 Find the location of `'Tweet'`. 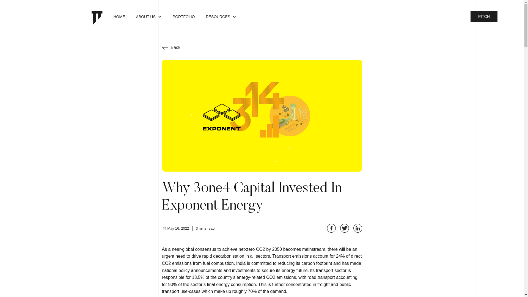

'Tweet' is located at coordinates (340, 228).